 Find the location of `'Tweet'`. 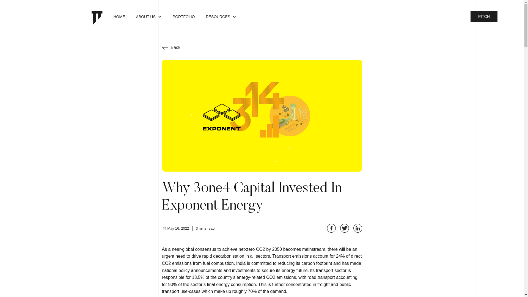

'Tweet' is located at coordinates (340, 228).